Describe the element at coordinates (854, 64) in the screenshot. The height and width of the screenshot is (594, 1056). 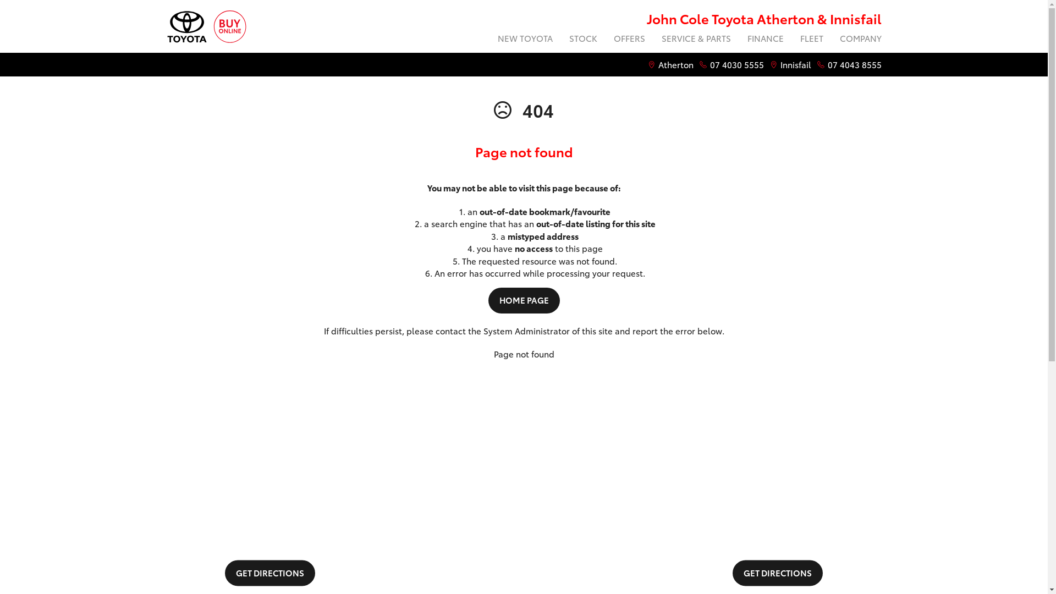
I see `'07 4043 8555'` at that location.